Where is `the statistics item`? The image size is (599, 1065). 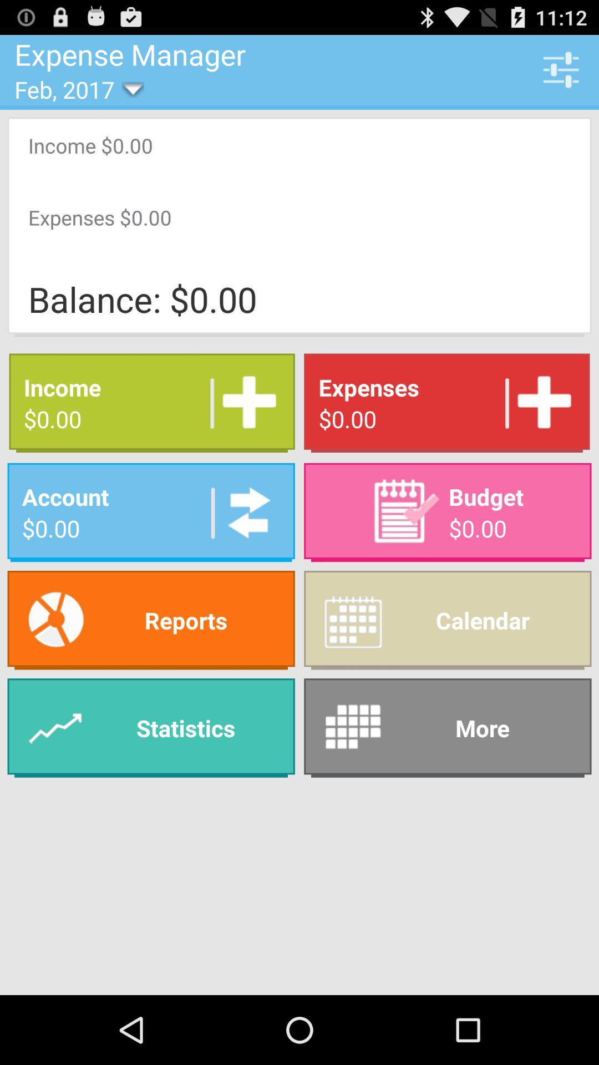 the statistics item is located at coordinates (151, 728).